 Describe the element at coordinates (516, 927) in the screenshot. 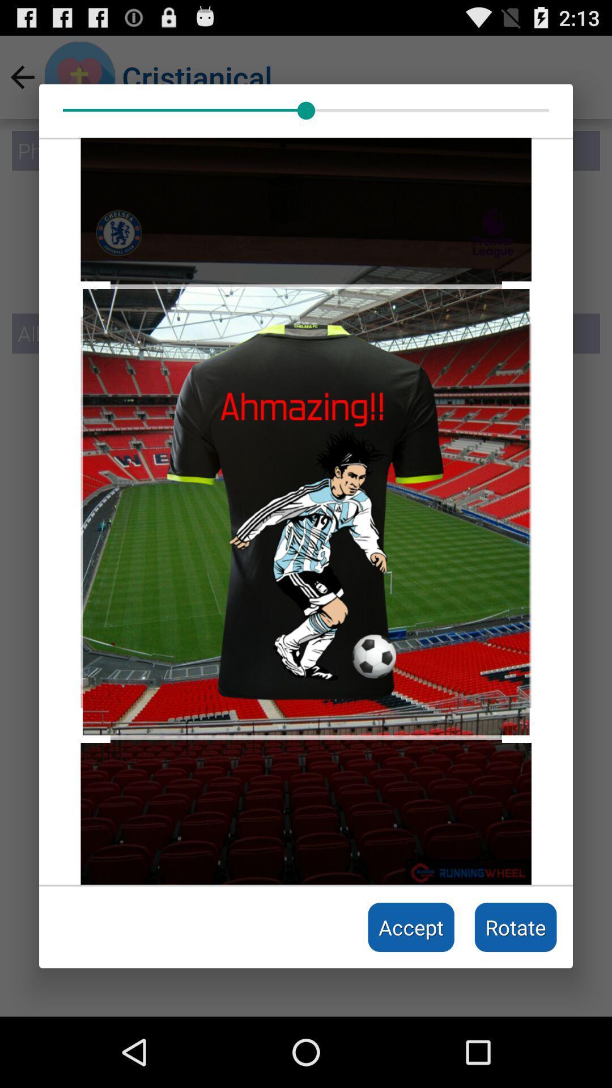

I see `icon next to accept` at that location.